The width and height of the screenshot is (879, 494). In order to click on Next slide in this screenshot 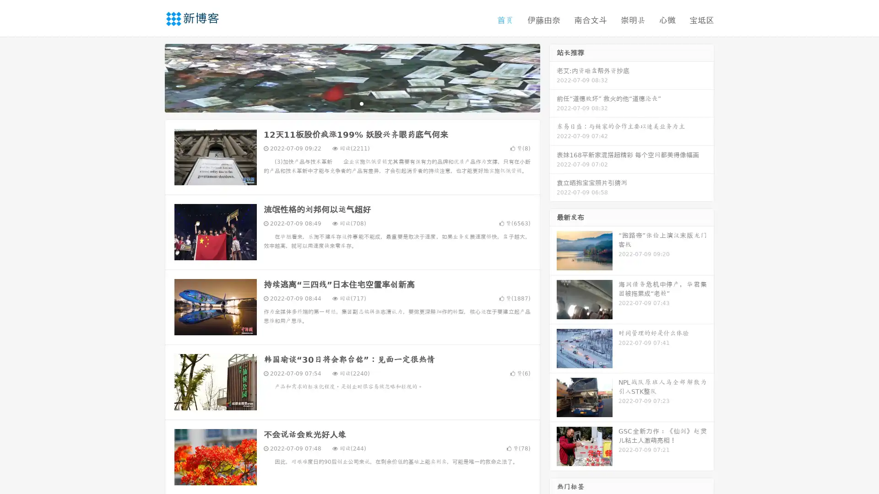, I will do `click(553, 77)`.